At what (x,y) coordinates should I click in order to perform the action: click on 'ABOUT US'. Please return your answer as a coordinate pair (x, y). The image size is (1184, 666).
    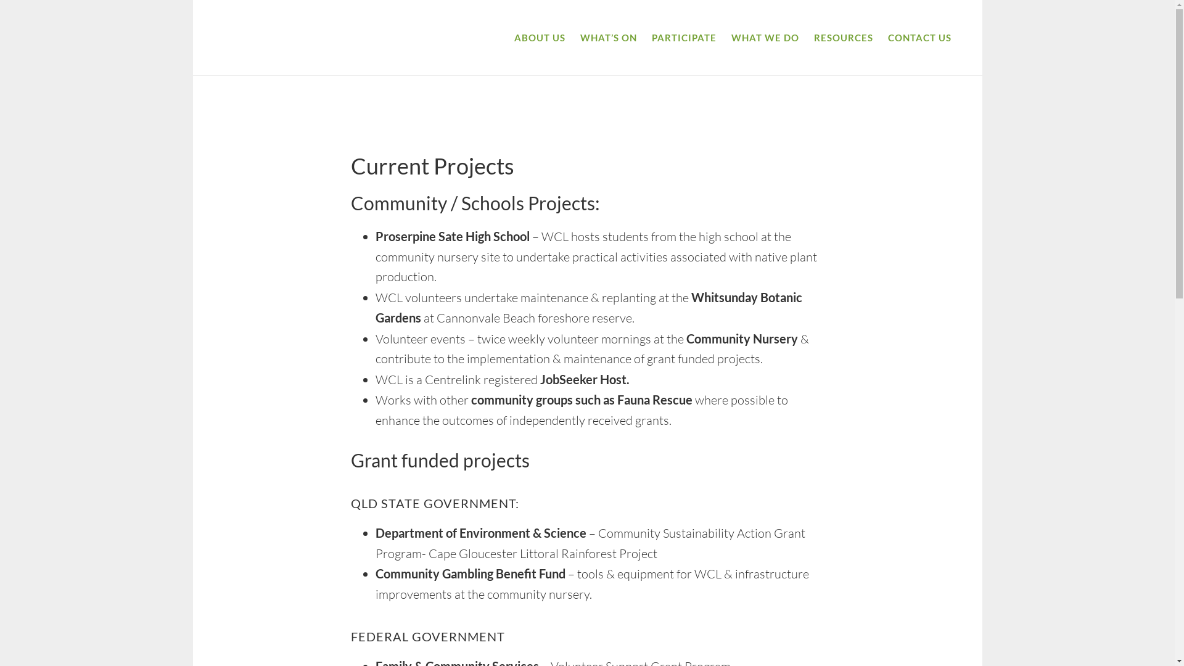
    Looking at the image, I should click on (508, 37).